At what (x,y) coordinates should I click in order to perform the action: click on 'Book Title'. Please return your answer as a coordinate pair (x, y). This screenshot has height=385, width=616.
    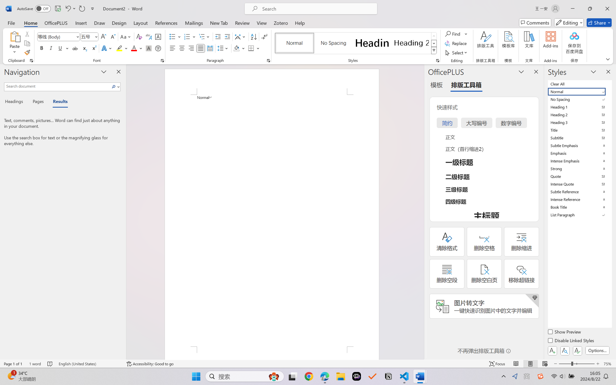
    Looking at the image, I should click on (579, 207).